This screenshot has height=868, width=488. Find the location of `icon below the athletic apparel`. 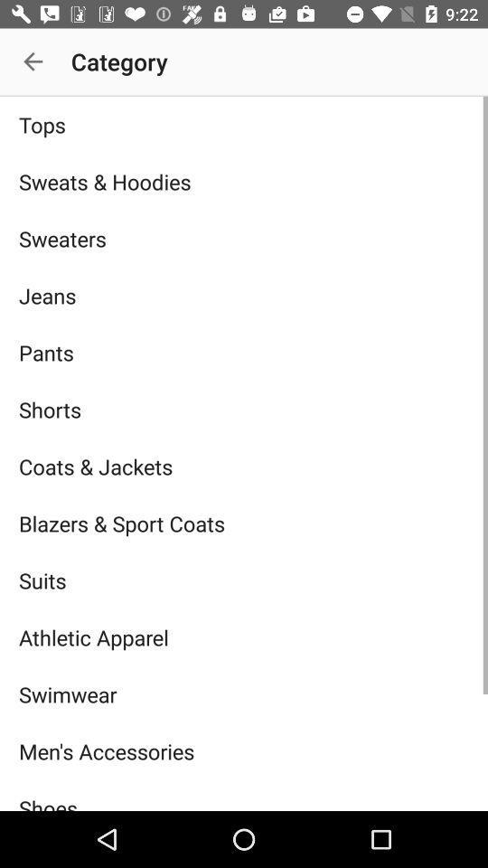

icon below the athletic apparel is located at coordinates (244, 693).